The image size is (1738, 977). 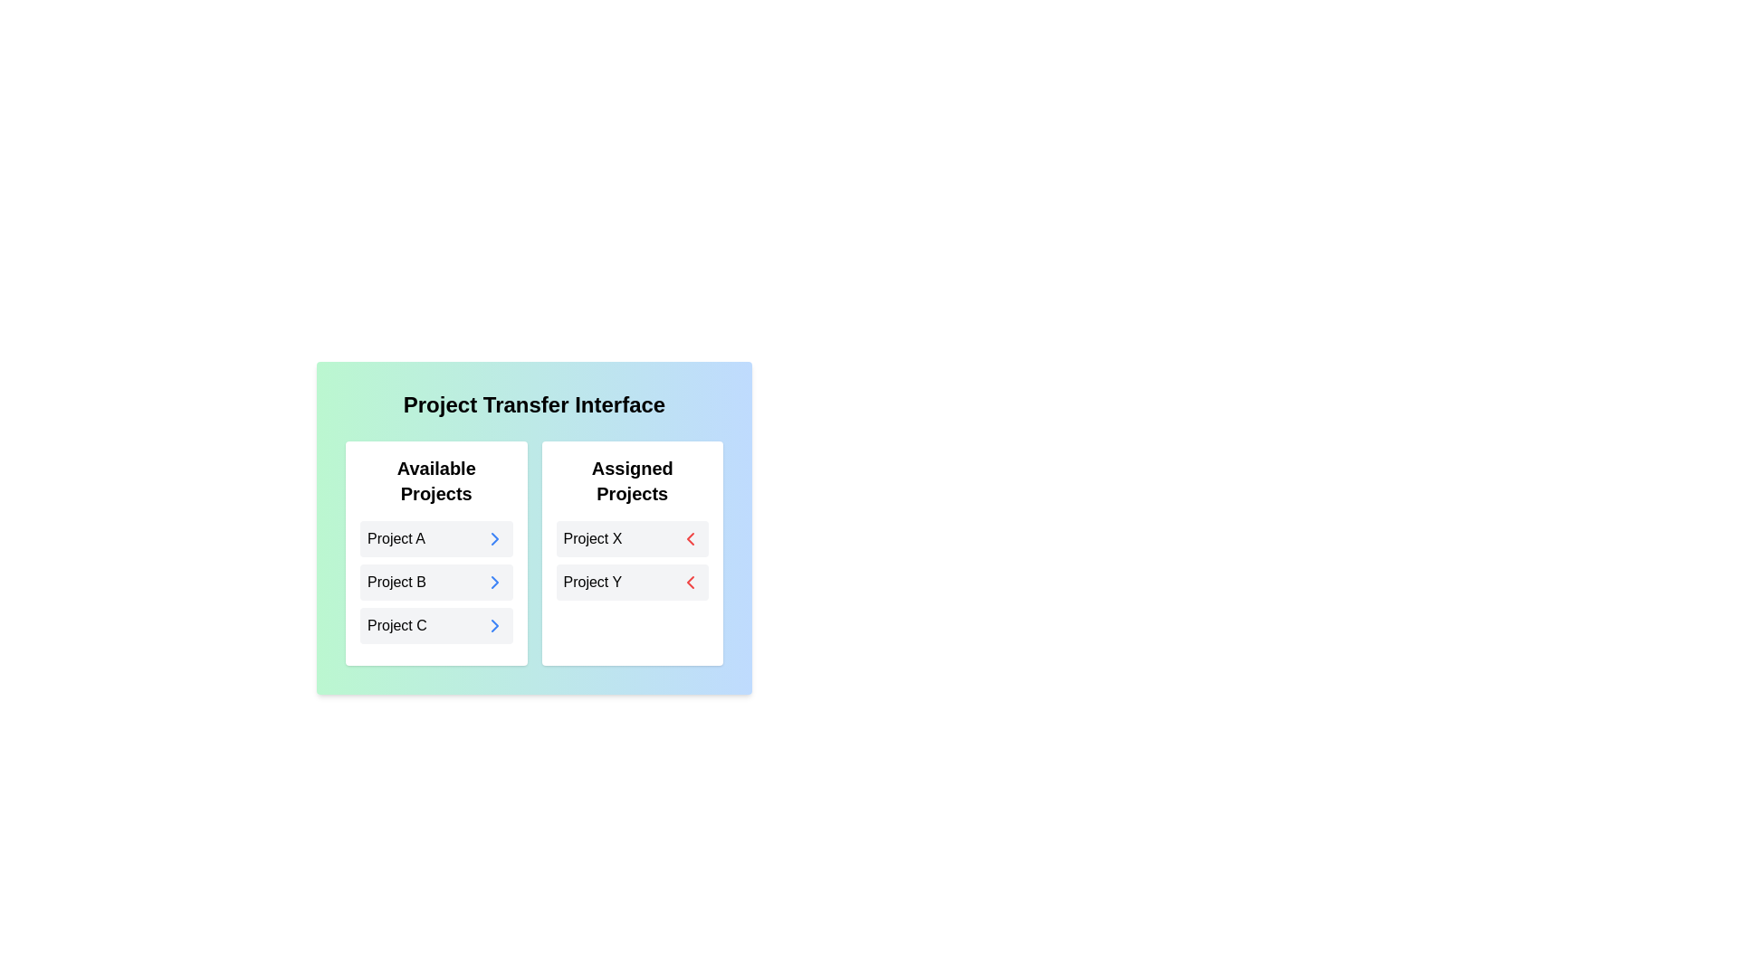 I want to click on the first list item labeled 'Project A' with a light gray background and a blue right arrow, so click(x=436, y=538).